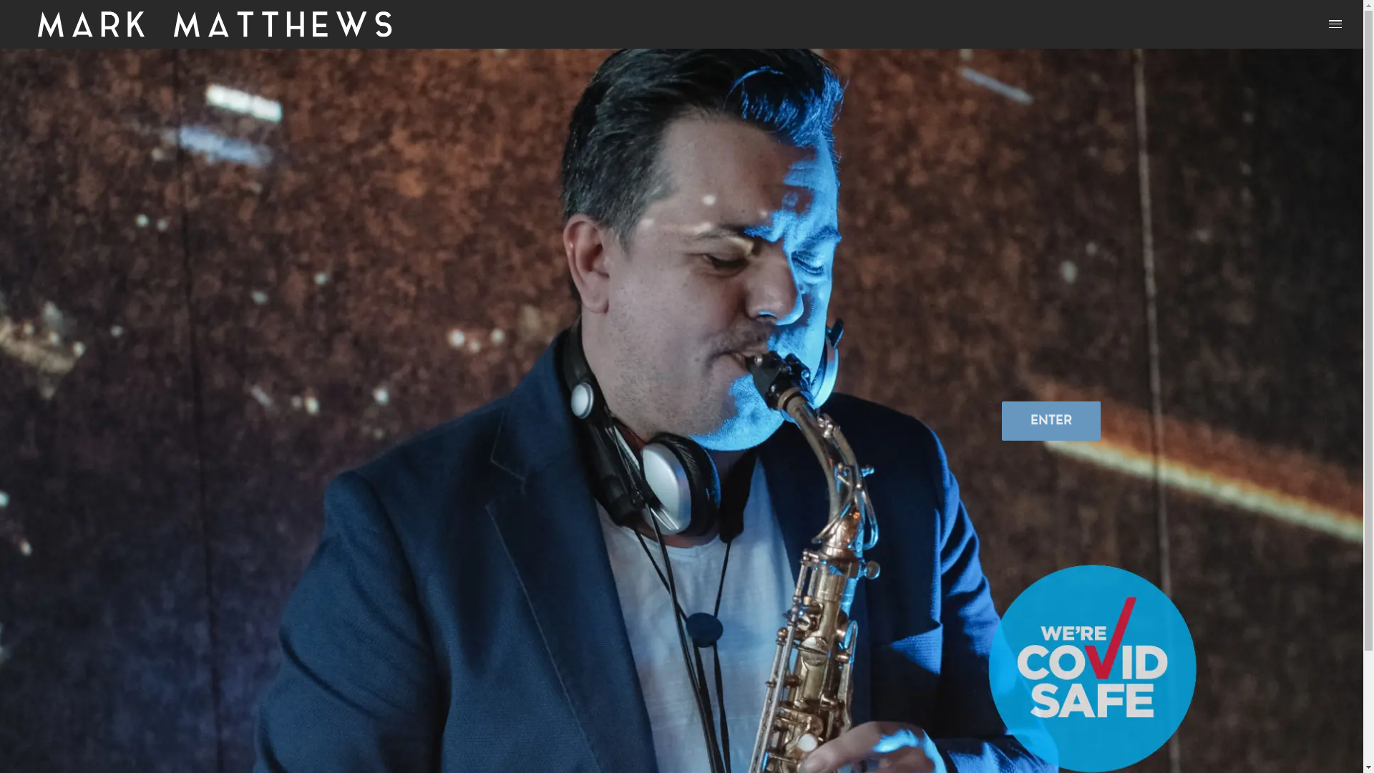 The width and height of the screenshot is (1374, 773). What do you see at coordinates (1051, 420) in the screenshot?
I see `'ENTER'` at bounding box center [1051, 420].